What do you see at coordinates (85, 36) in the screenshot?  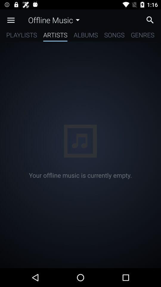 I see `the app to the right of artists item` at bounding box center [85, 36].